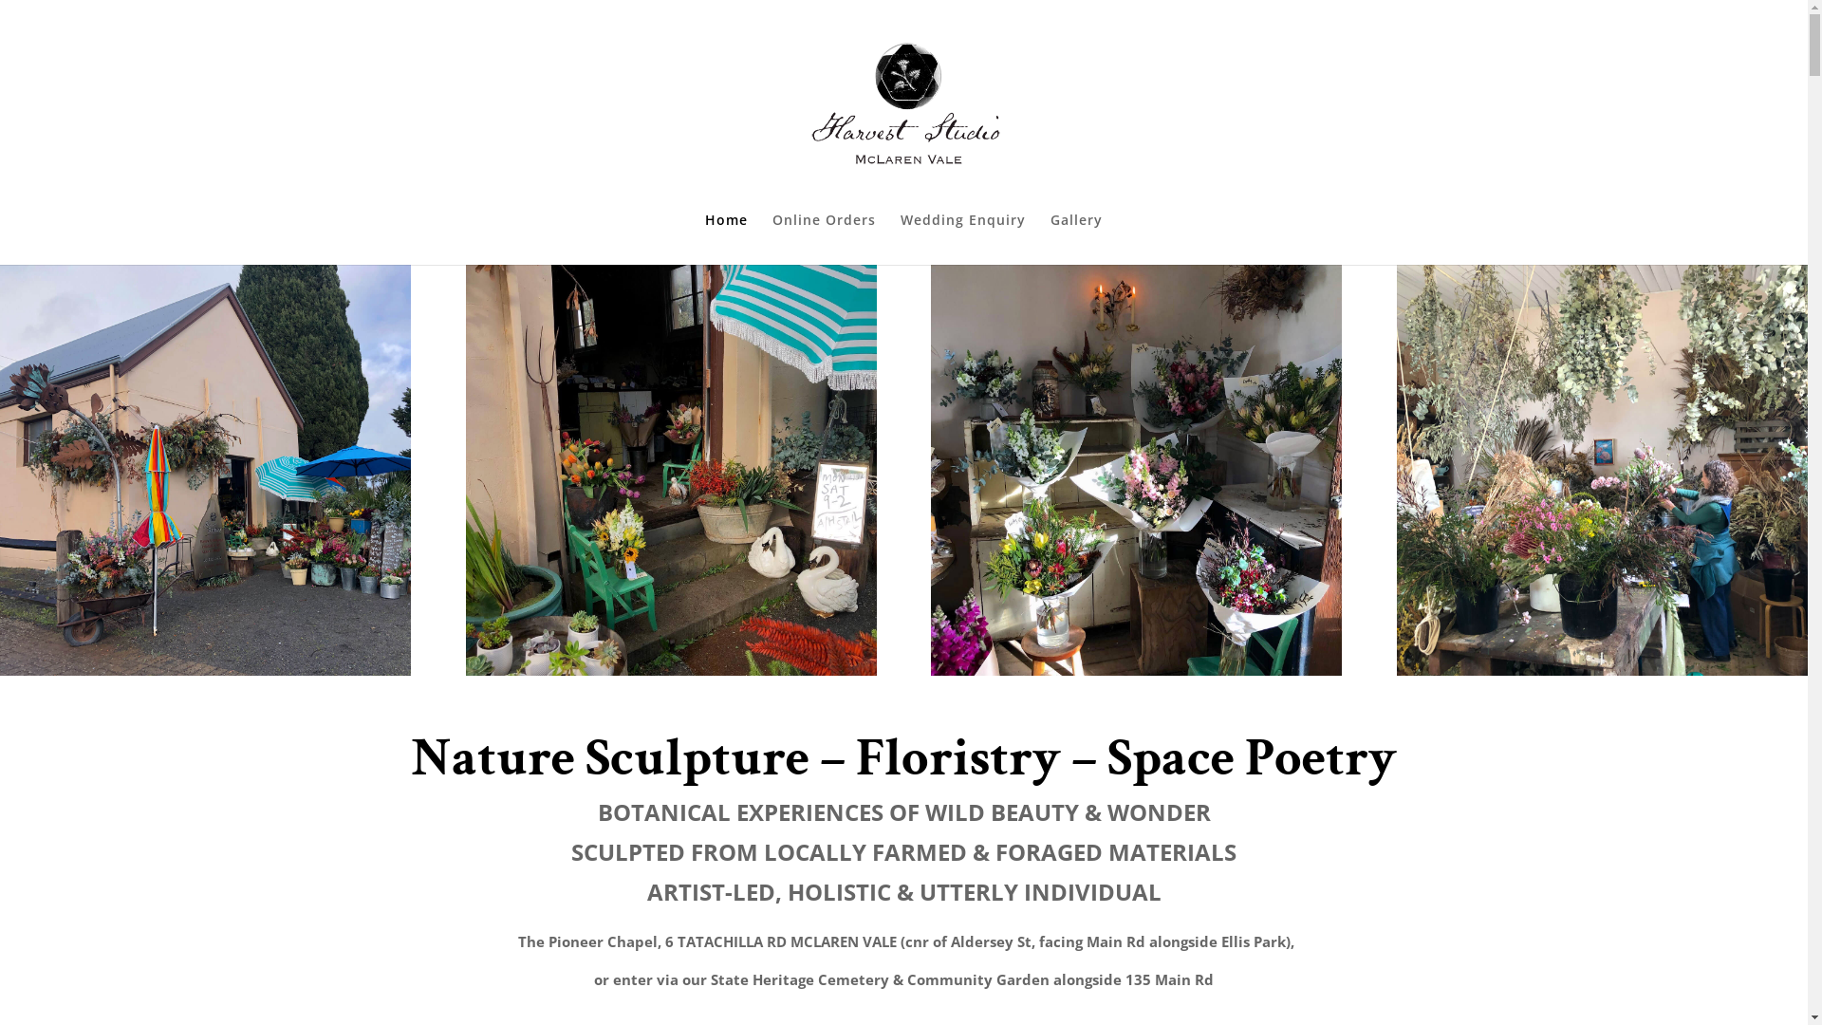 The image size is (1822, 1025). I want to click on 'exterior', so click(0, 470).